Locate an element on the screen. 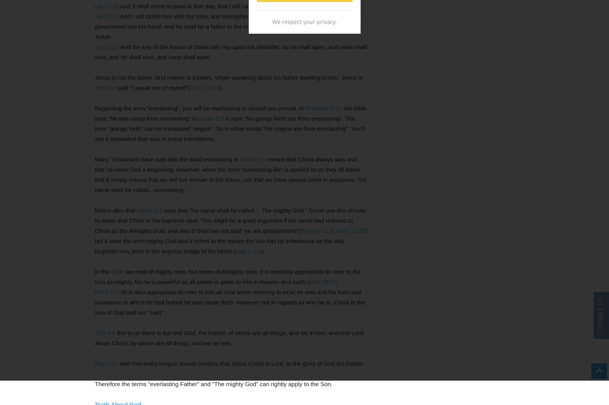 This screenshot has height=405, width=609. 'Matt 28:18' is located at coordinates (323, 282).